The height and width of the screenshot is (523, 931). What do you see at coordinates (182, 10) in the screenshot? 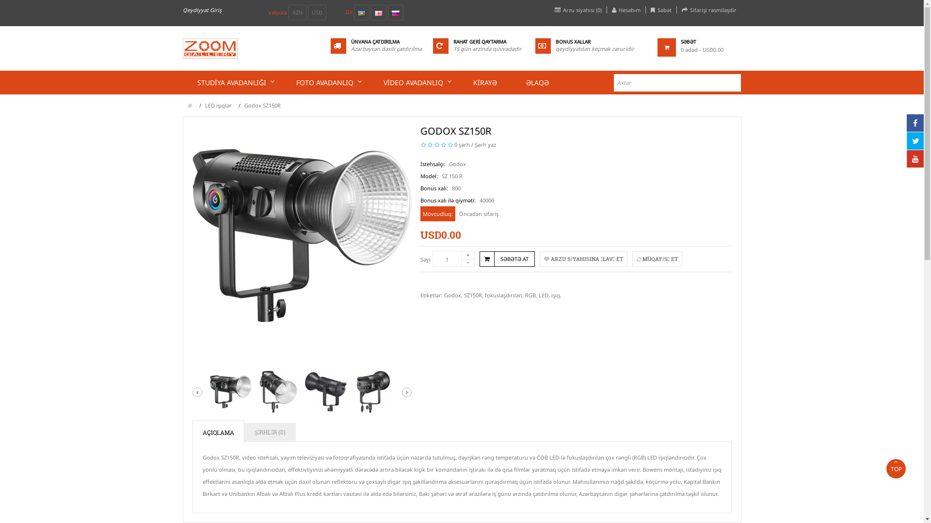
I see `'Qeydiyyat'` at bounding box center [182, 10].